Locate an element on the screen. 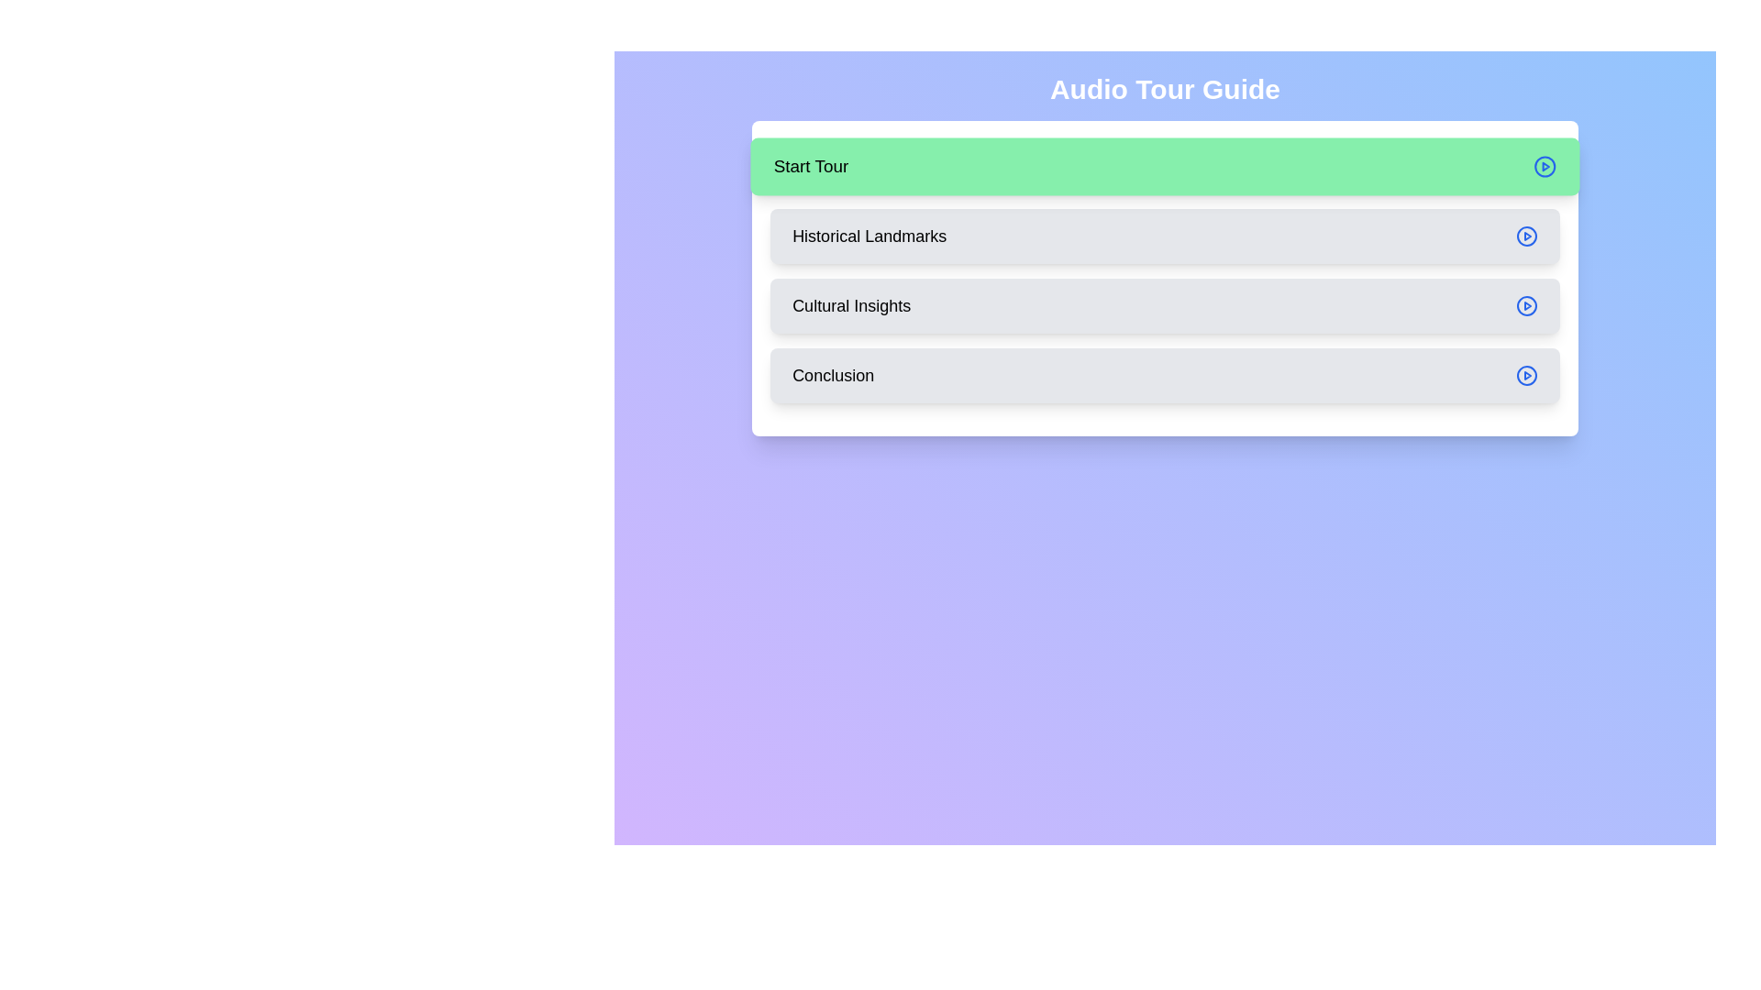 This screenshot has height=990, width=1761. the Historical Landmarks step in the audio tour is located at coordinates (1164, 236).